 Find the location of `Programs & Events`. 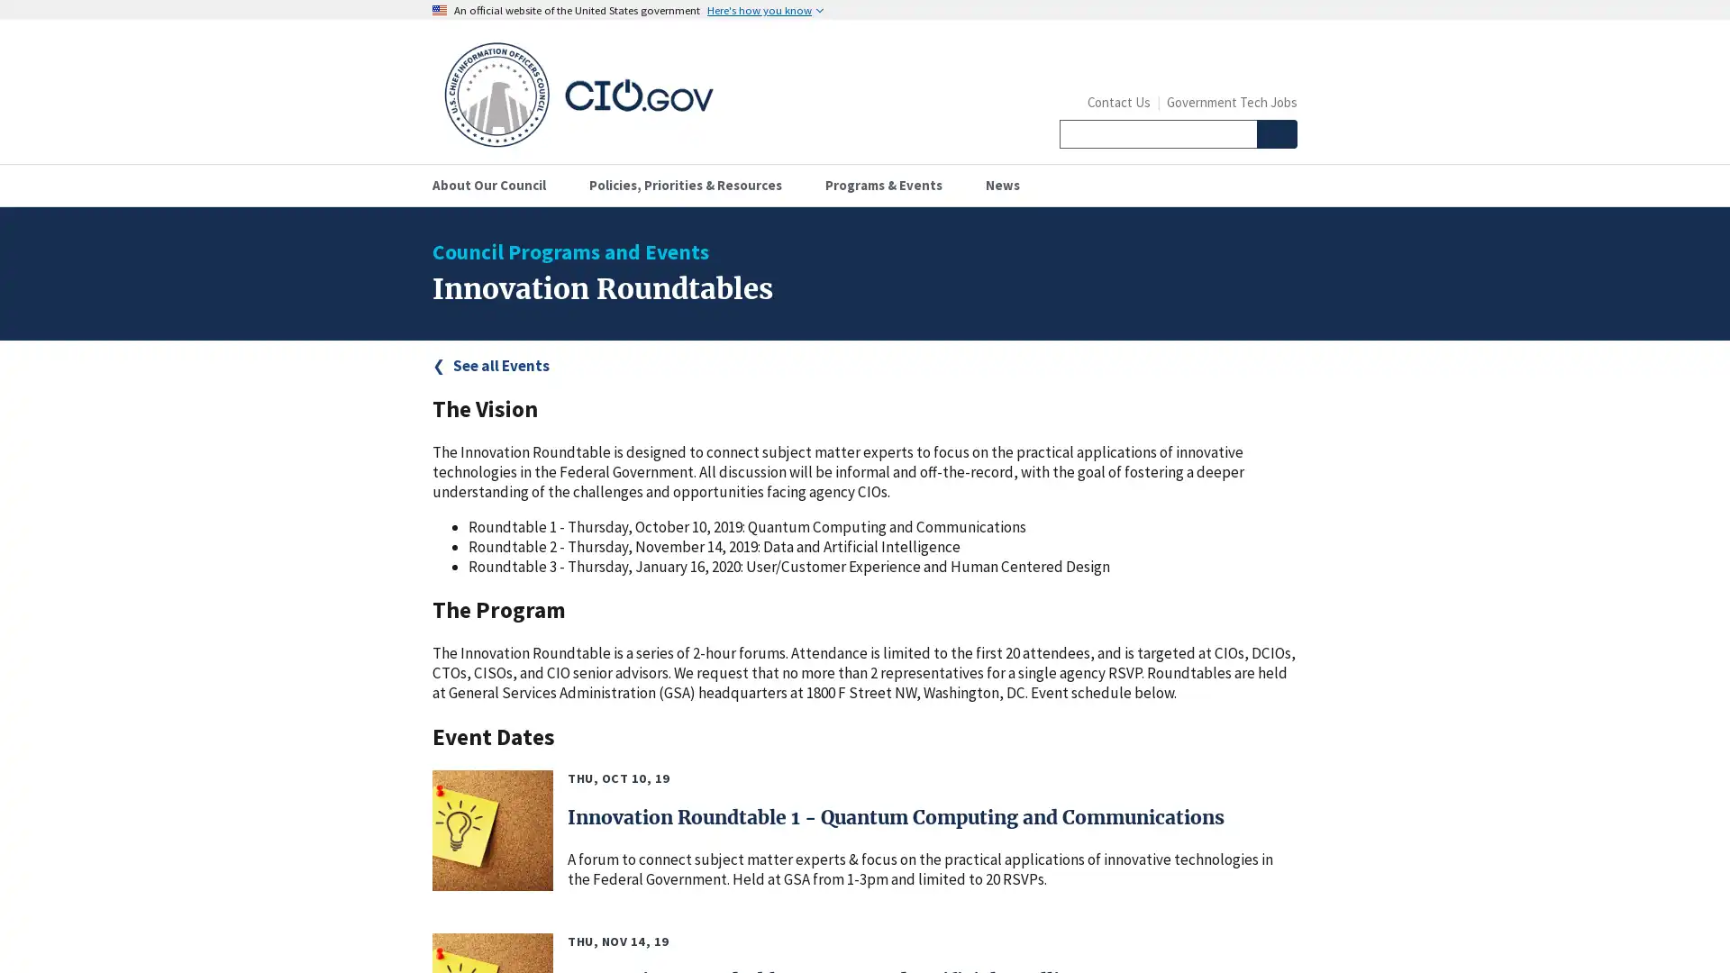

Programs & Events is located at coordinates (890, 185).